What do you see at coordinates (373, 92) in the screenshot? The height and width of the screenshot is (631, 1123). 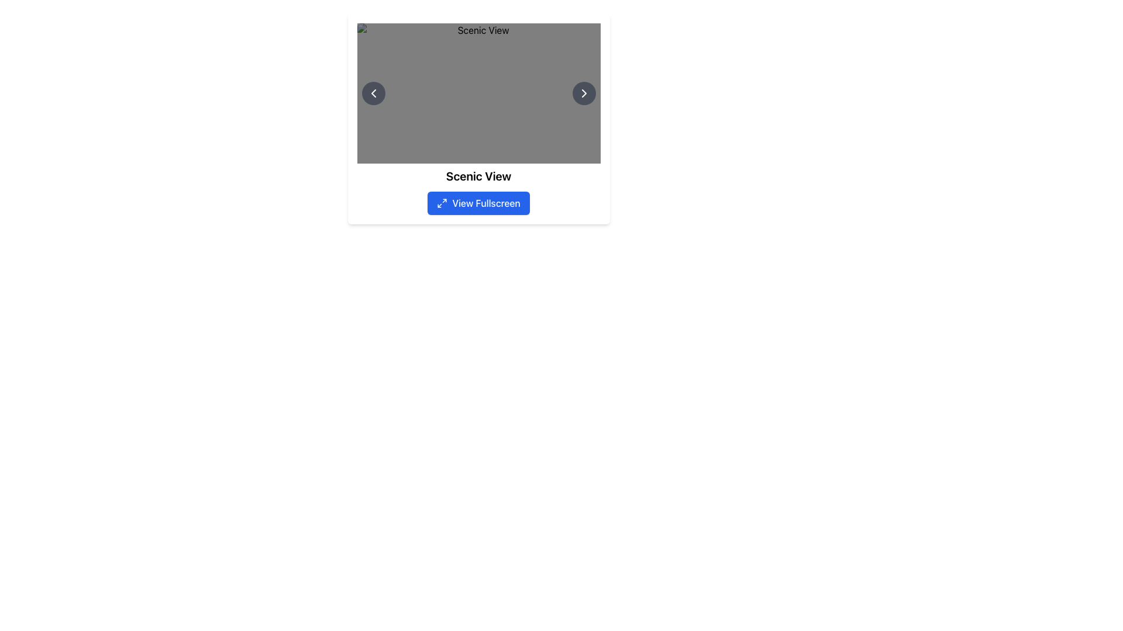 I see `the 'previous' button located on the left side of the image display` at bounding box center [373, 92].